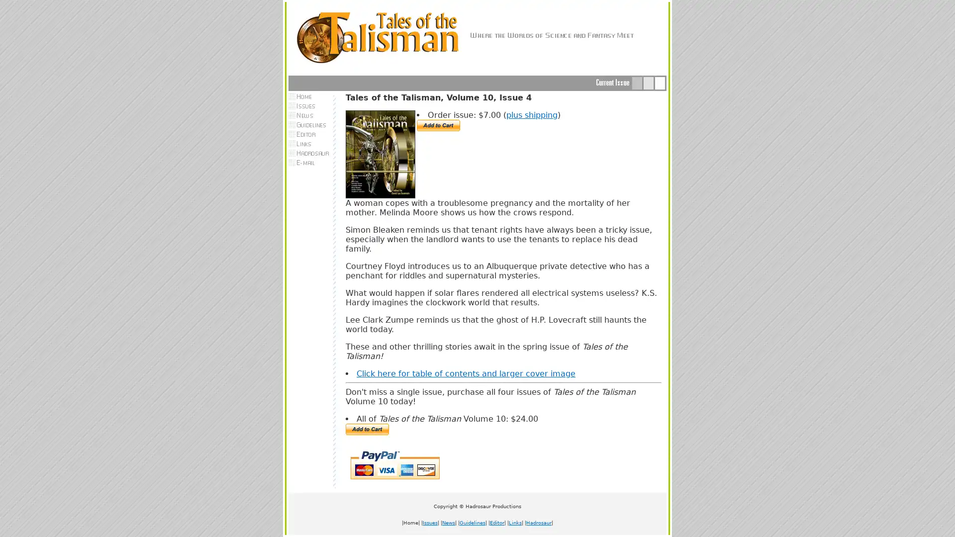 Image resolution: width=955 pixels, height=537 pixels. Describe the element at coordinates (438, 125) in the screenshot. I see `Make payments with PayPal - it's fast, free and secure!` at that location.